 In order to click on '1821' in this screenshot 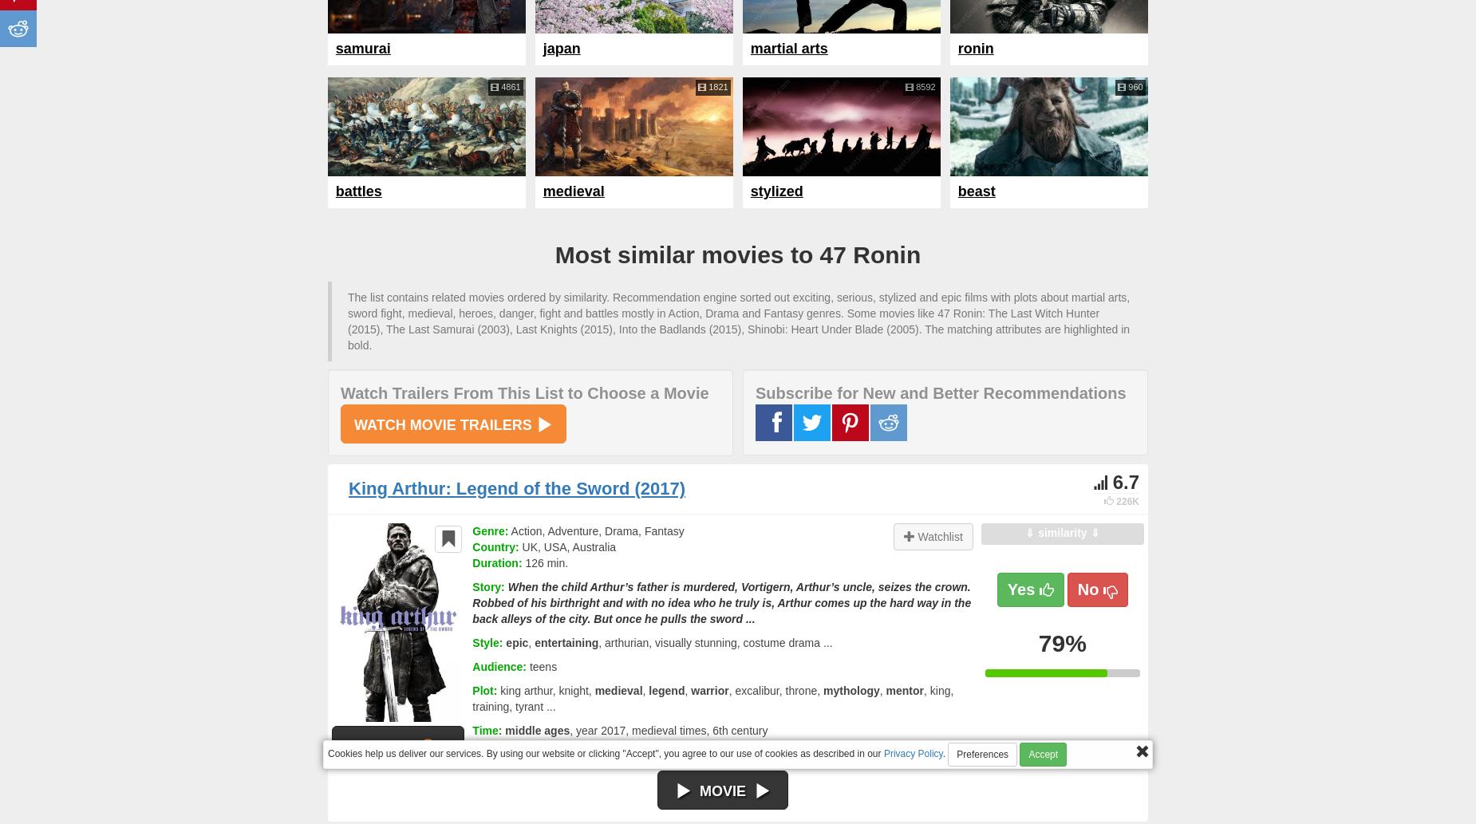, I will do `click(716, 86)`.